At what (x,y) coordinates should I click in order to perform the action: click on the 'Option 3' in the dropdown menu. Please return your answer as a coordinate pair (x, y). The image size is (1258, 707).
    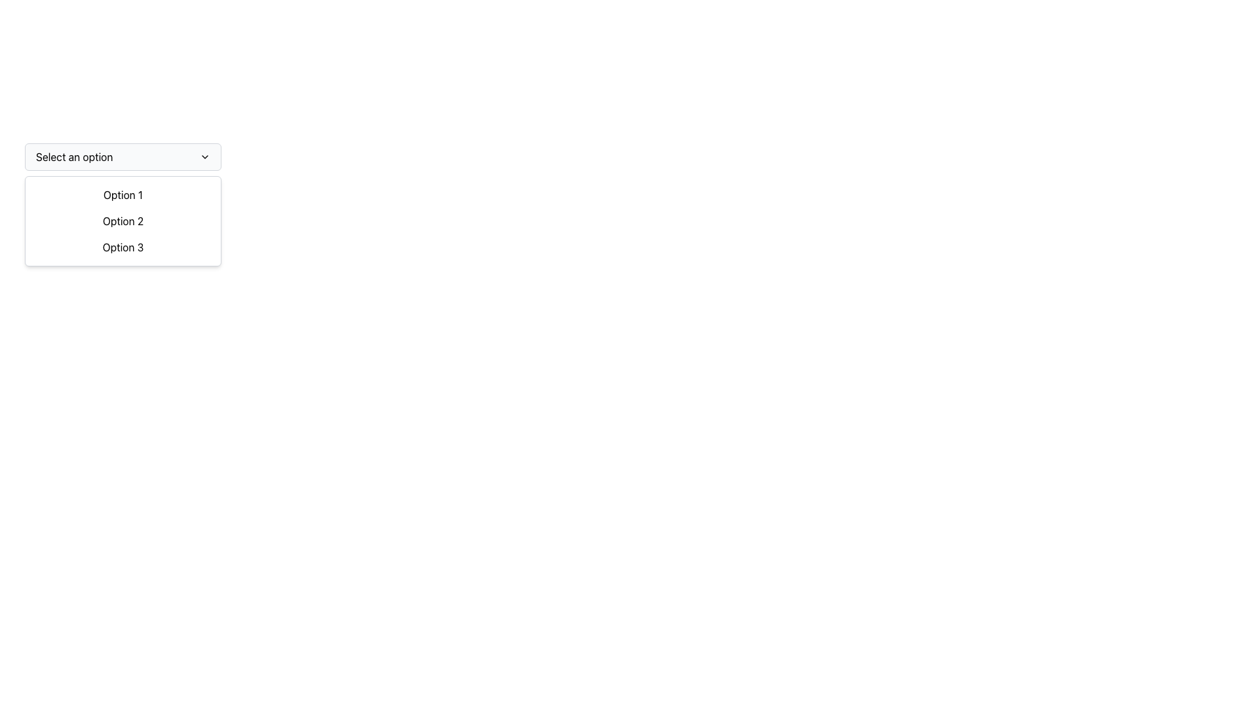
    Looking at the image, I should click on (123, 247).